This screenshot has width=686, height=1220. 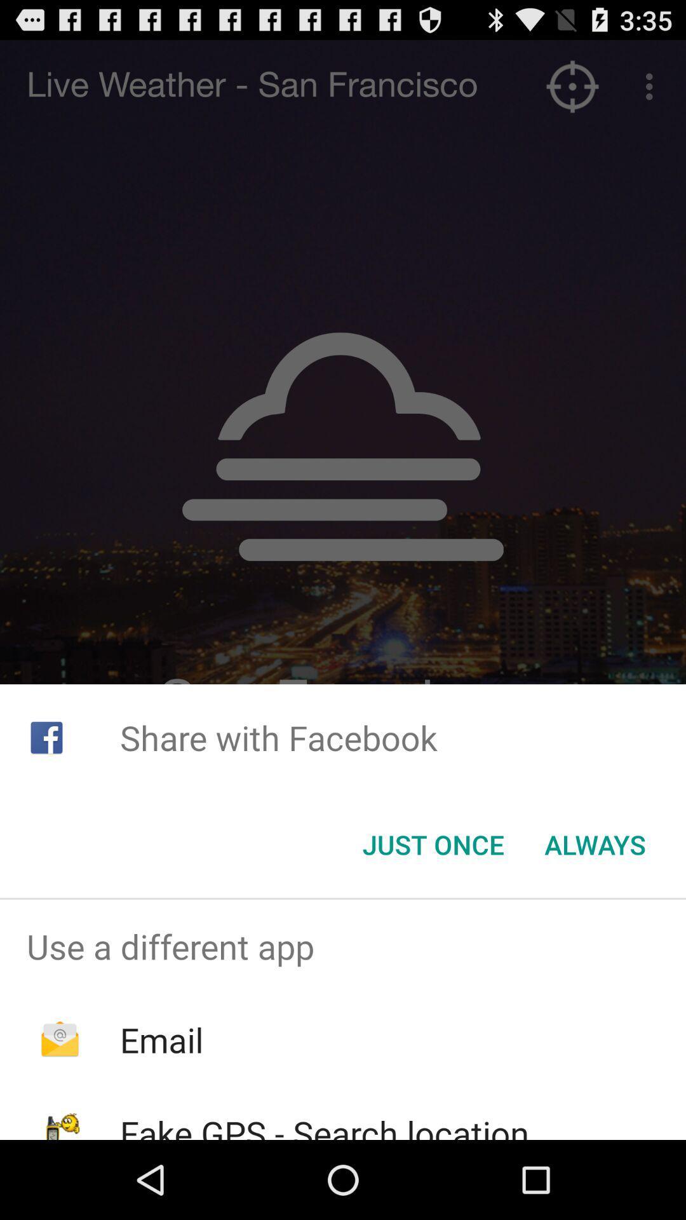 I want to click on item above the fake gps search app, so click(x=161, y=1040).